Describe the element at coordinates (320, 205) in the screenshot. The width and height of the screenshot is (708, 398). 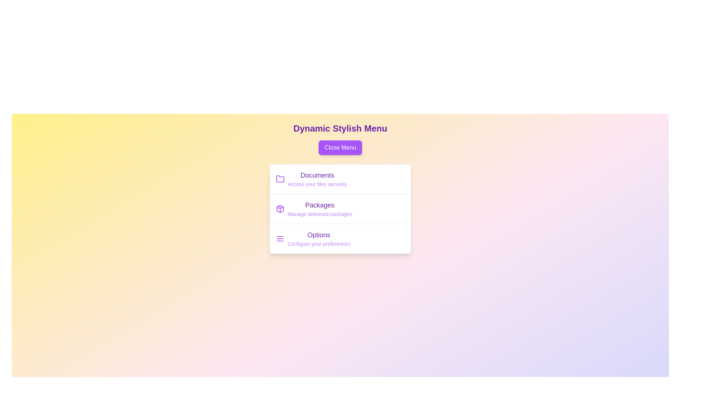
I see `the menu item Packages to select it` at that location.